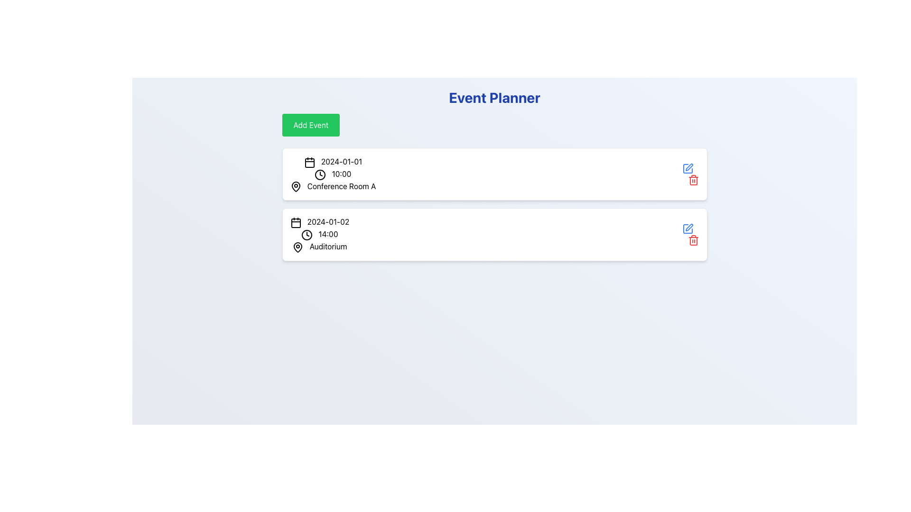 This screenshot has height=512, width=911. Describe the element at coordinates (297, 247) in the screenshot. I see `the location pin icon next to the text 'Auditorium' within the second event card` at that location.